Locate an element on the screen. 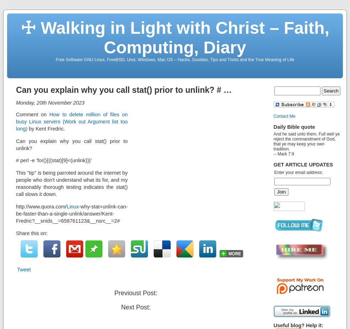  'Useful blog? Help it:' is located at coordinates (298, 325).